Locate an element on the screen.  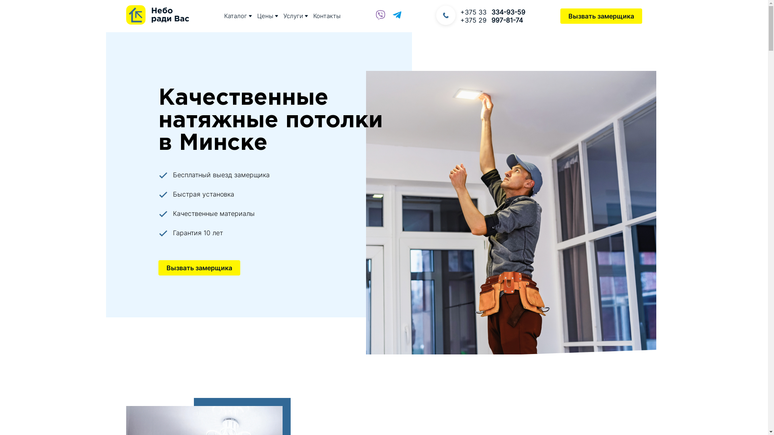
'+375 33 is located at coordinates (460, 12).